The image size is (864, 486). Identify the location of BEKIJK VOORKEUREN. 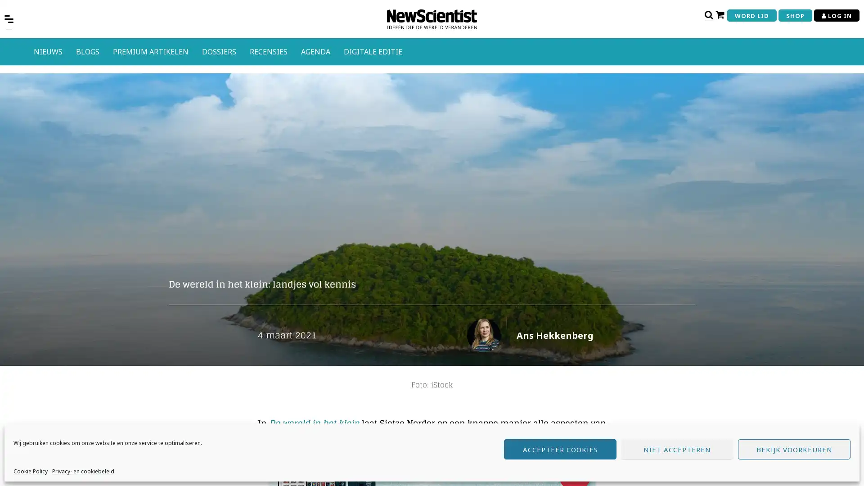
(794, 449).